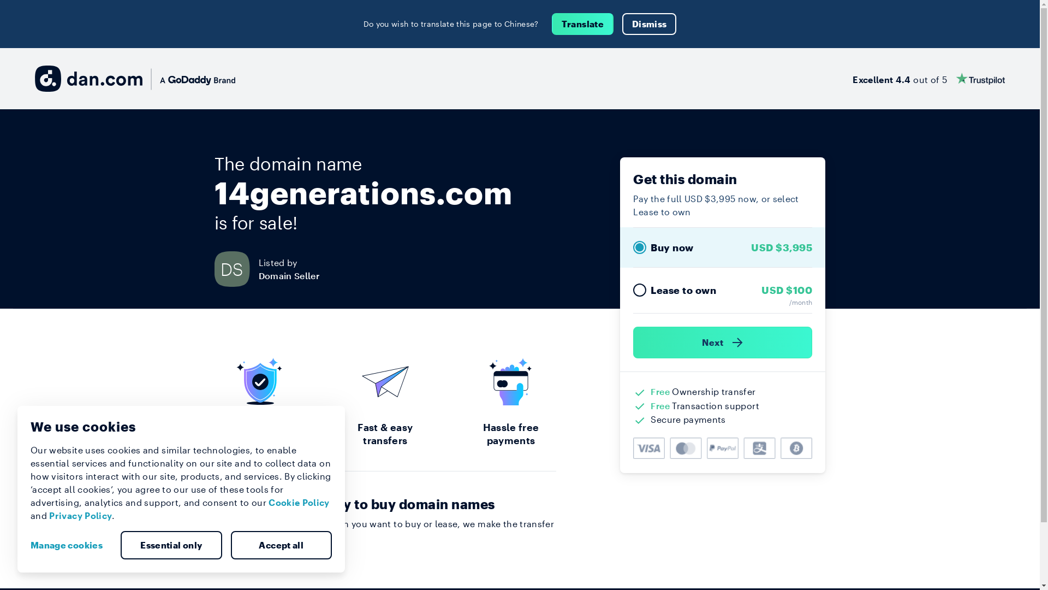 The width and height of the screenshot is (1048, 590). What do you see at coordinates (928, 78) in the screenshot?
I see `'Excellent 4.4 out of 5'` at bounding box center [928, 78].